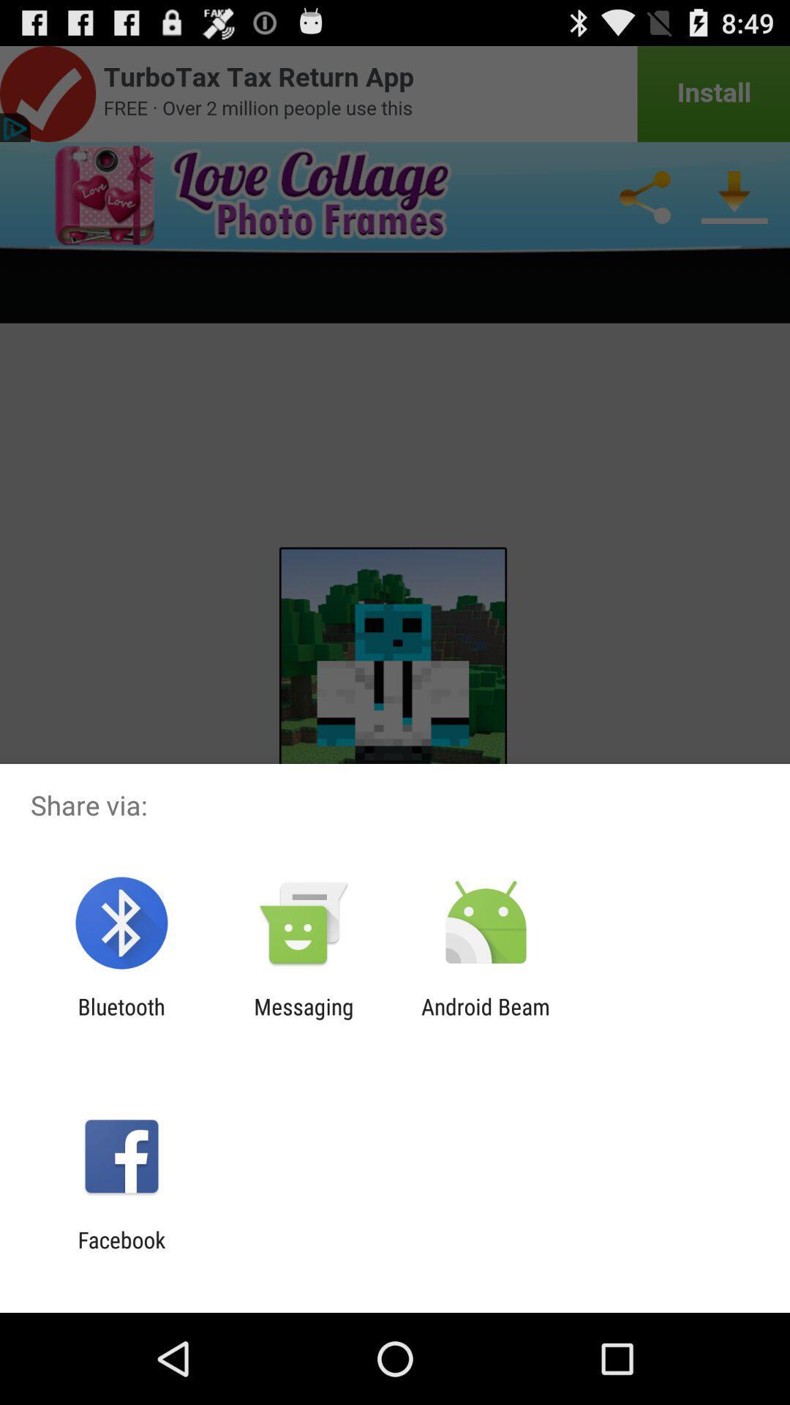 The width and height of the screenshot is (790, 1405). What do you see at coordinates (486, 1019) in the screenshot?
I see `the android beam` at bounding box center [486, 1019].